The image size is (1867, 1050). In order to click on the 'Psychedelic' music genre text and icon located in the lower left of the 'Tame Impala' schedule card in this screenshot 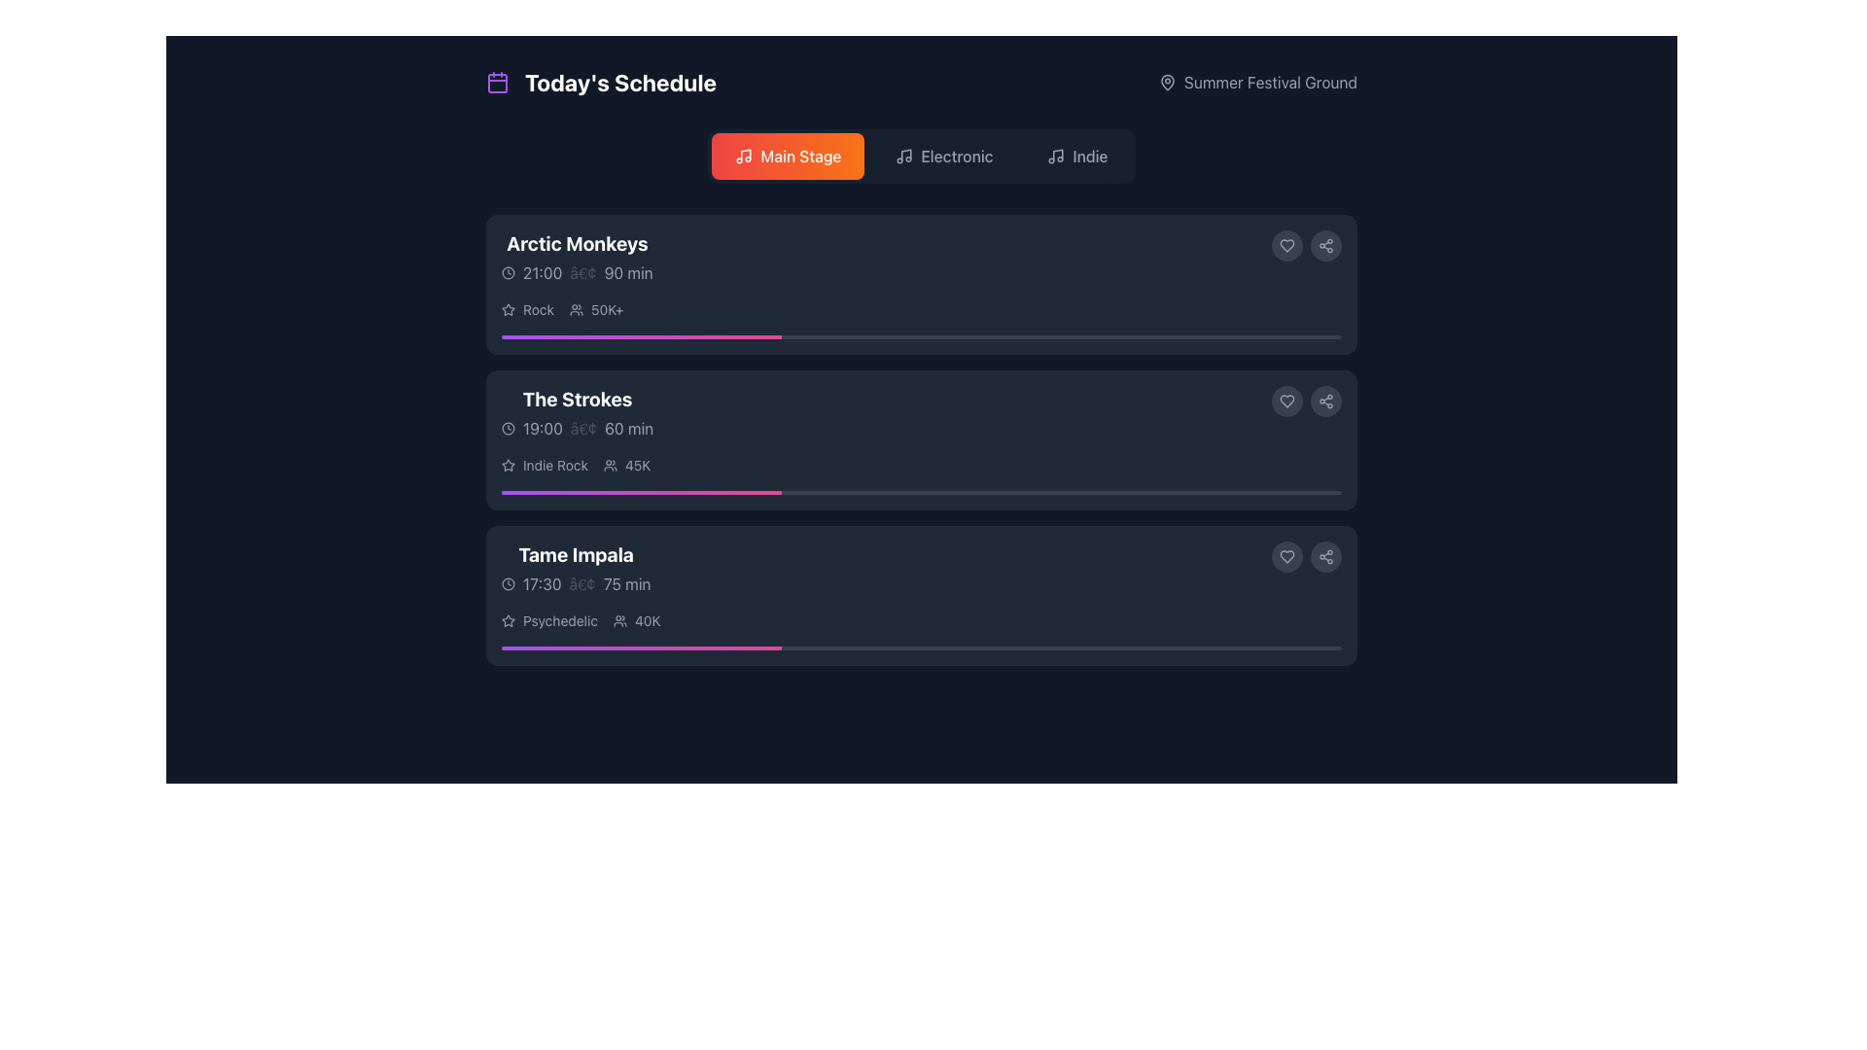, I will do `click(548, 621)`.